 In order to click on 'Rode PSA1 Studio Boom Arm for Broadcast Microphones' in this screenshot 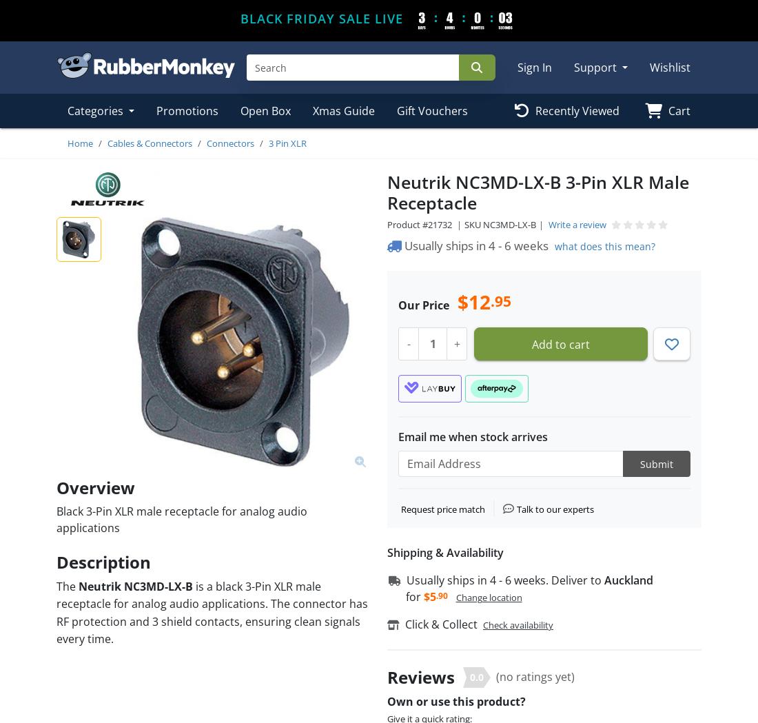, I will do `click(133, 215)`.